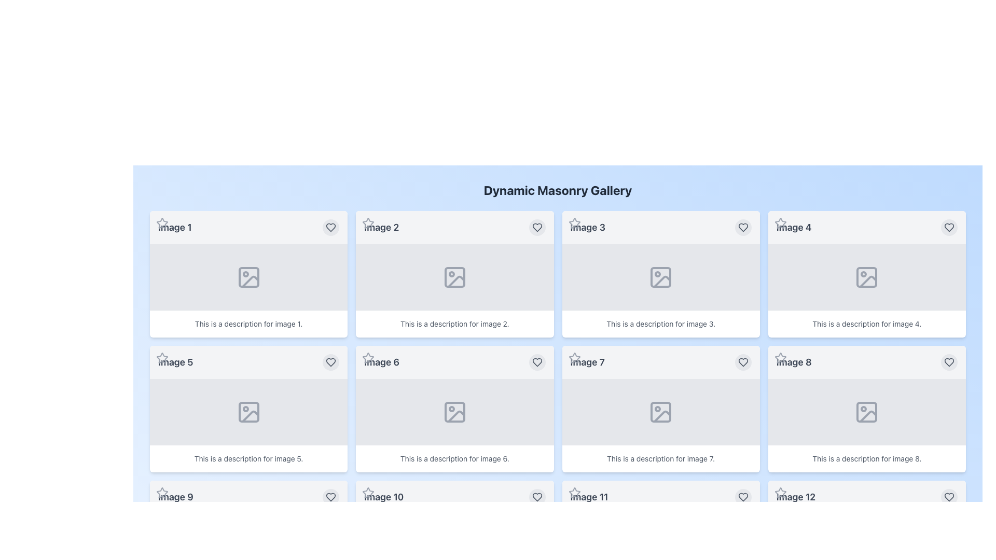  What do you see at coordinates (368, 222) in the screenshot?
I see `the star outline icon that serves as a marker for 'Image 2'` at bounding box center [368, 222].